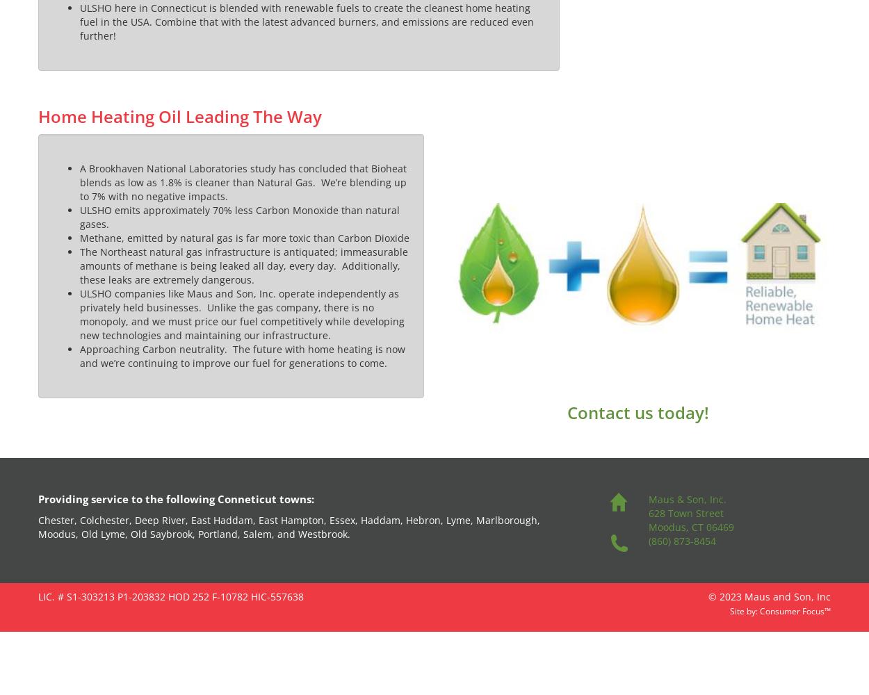  What do you see at coordinates (79, 237) in the screenshot?
I see `'Methane, emitted by natural gas is far more toxic than Carbon Dioxide'` at bounding box center [79, 237].